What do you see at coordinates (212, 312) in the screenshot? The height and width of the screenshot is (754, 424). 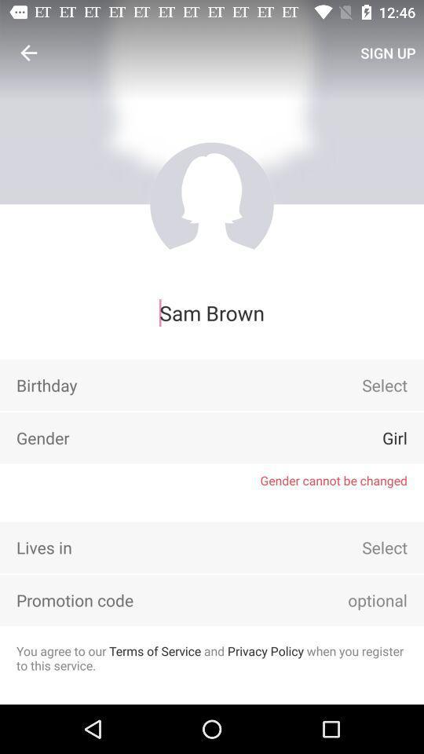 I see `item above the birthday` at bounding box center [212, 312].